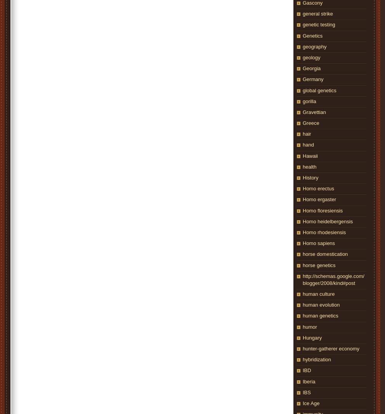 This screenshot has height=414, width=385. Describe the element at coordinates (324, 231) in the screenshot. I see `'Homo rhodesiensis'` at that location.